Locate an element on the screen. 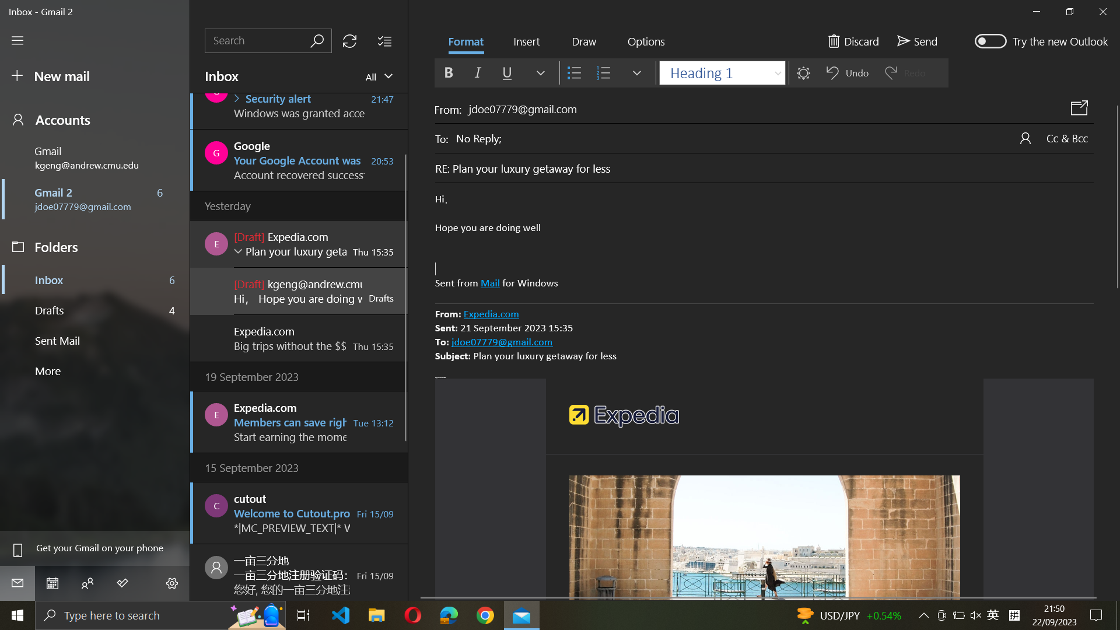 The image size is (1120, 630). the mail body and select all the text is located at coordinates (764, 242).